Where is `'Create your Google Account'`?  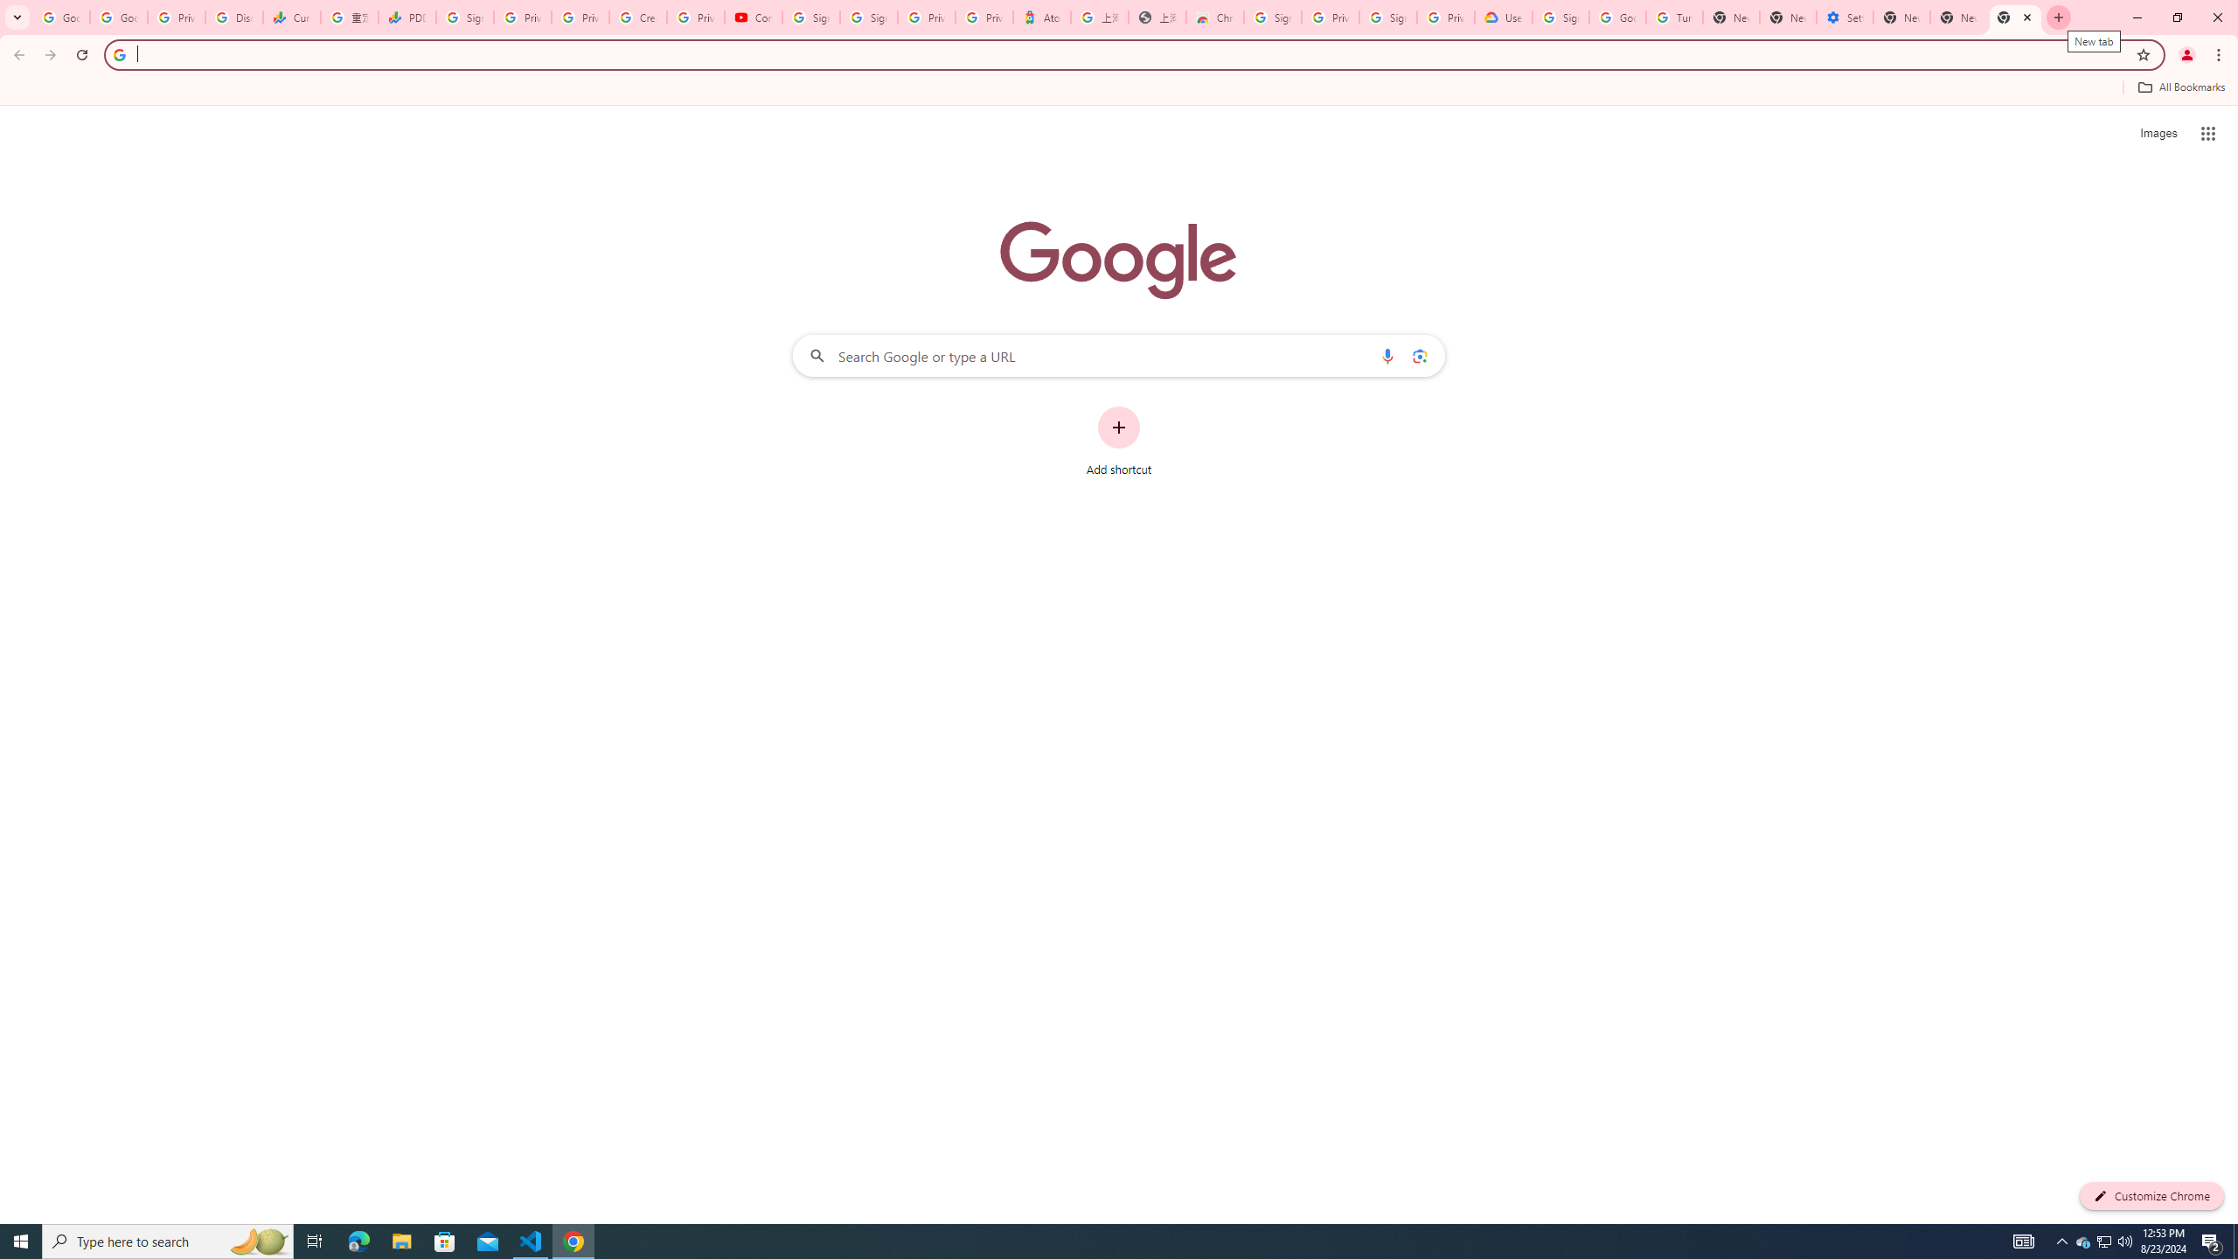 'Create your Google Account' is located at coordinates (637, 17).